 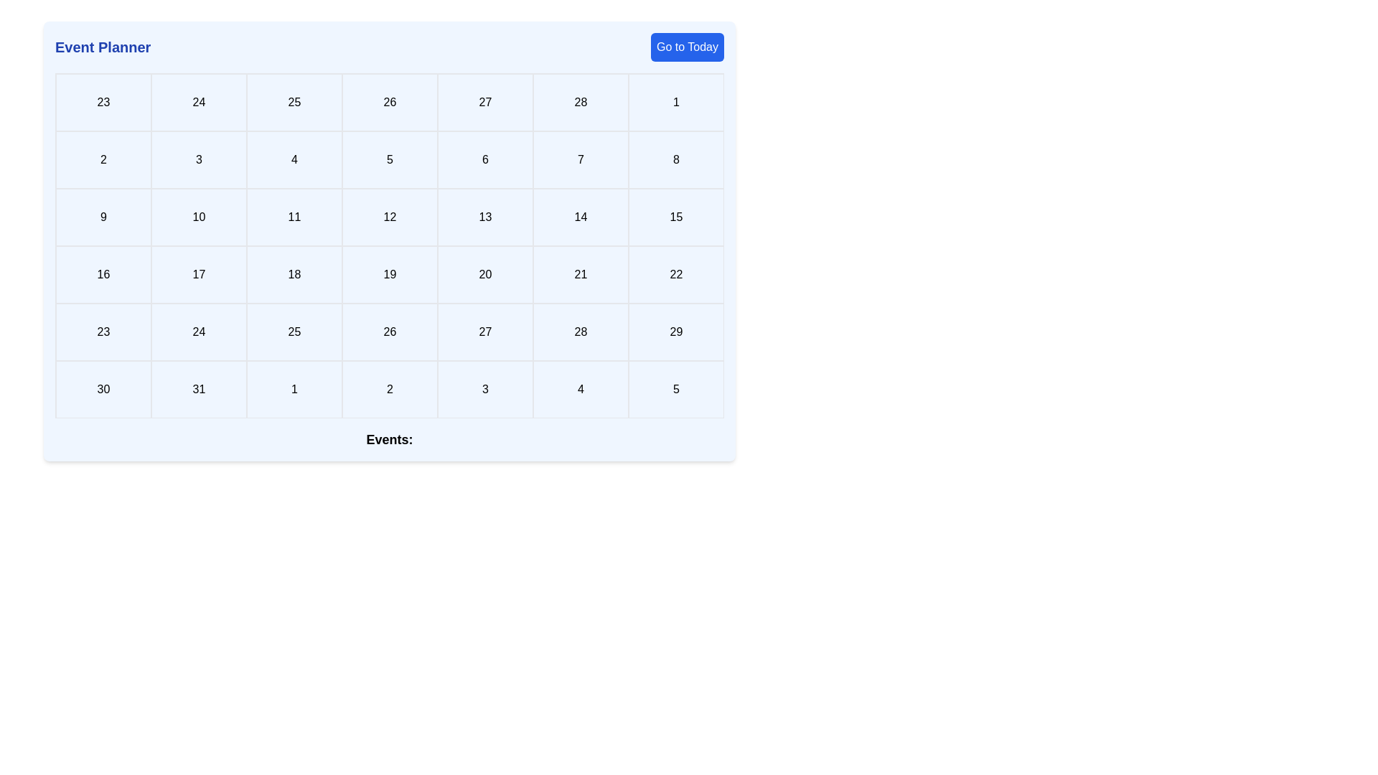 I want to click on the calendar cell displaying the number '5', so click(x=390, y=160).